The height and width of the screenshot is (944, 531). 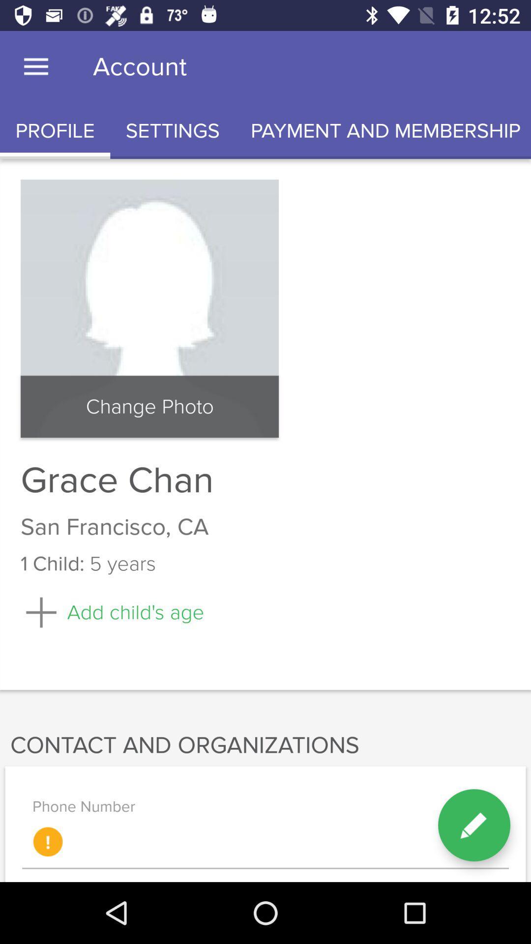 What do you see at coordinates (383, 130) in the screenshot?
I see `the icon next to settings icon` at bounding box center [383, 130].